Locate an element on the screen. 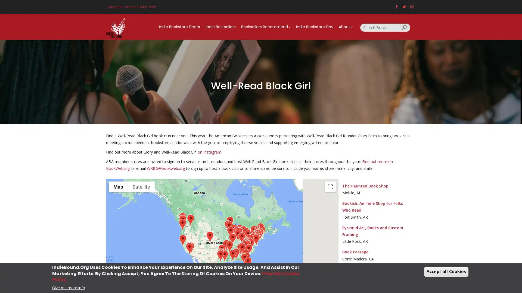 The height and width of the screenshot is (293, 522). Cupboard Maker Books is located at coordinates (253, 235).